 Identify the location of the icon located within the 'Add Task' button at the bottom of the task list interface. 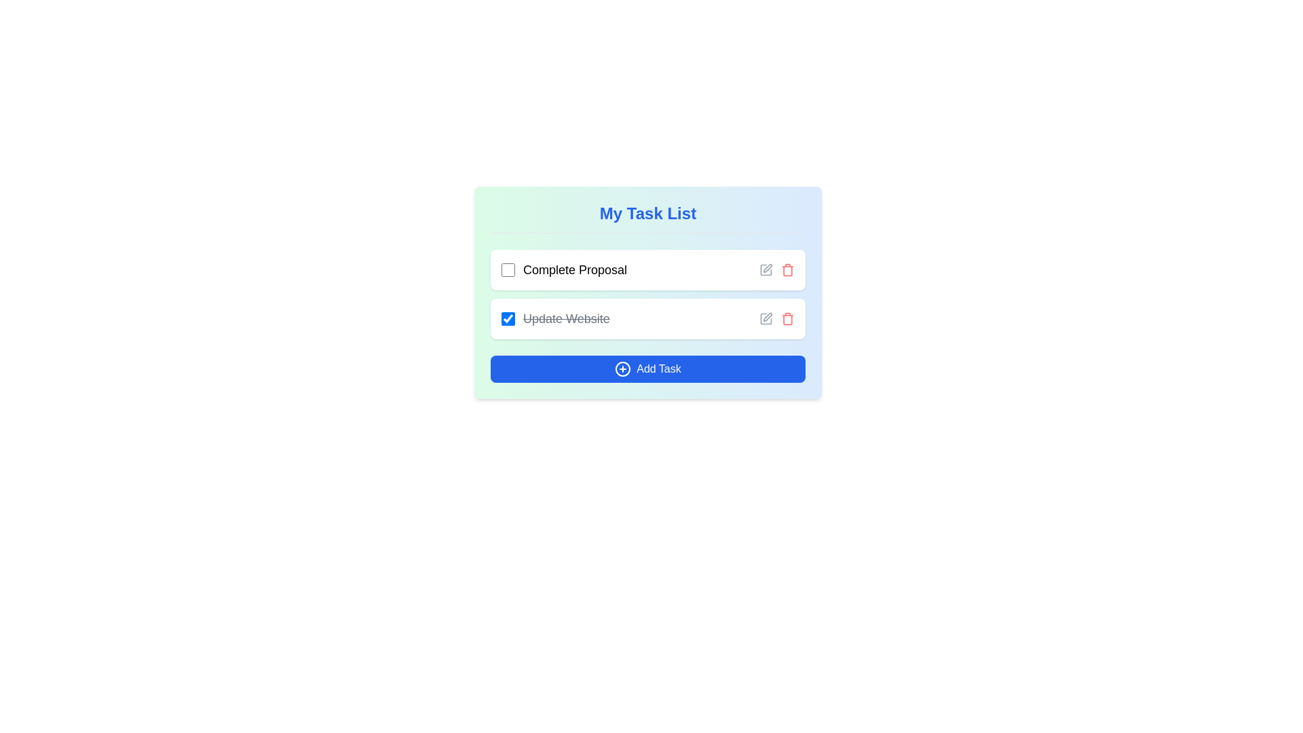
(622, 369).